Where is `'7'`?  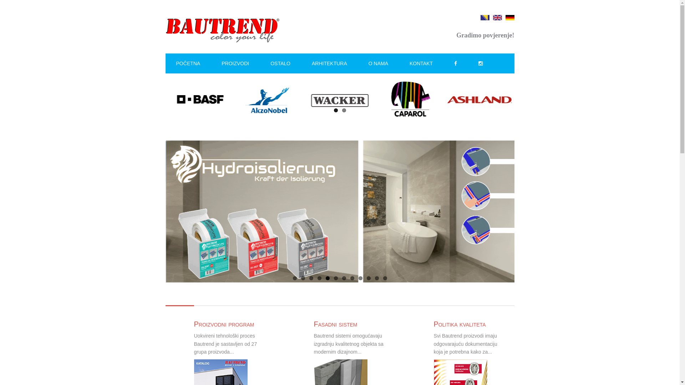
'7' is located at coordinates (341, 278).